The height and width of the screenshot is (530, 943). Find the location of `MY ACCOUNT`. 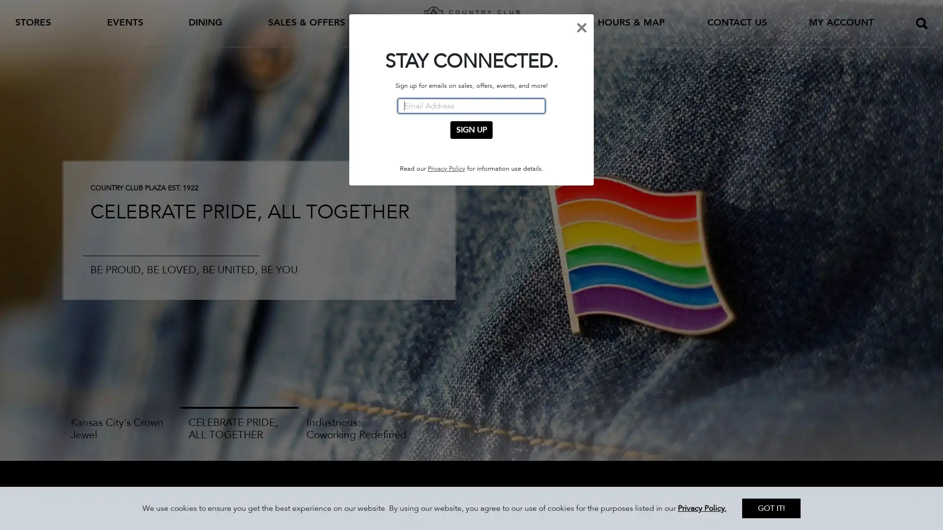

MY ACCOUNT is located at coordinates (841, 22).